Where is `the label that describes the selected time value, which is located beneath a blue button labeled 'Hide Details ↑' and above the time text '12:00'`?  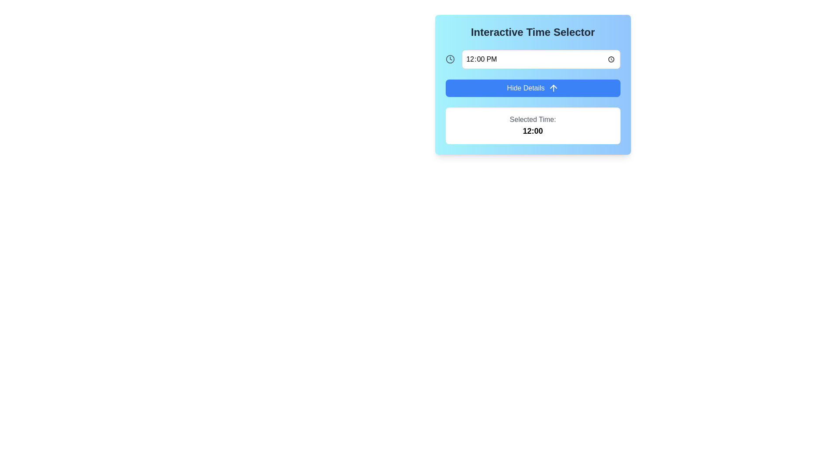
the label that describes the selected time value, which is located beneath a blue button labeled 'Hide Details ↑' and above the time text '12:00' is located at coordinates (532, 119).